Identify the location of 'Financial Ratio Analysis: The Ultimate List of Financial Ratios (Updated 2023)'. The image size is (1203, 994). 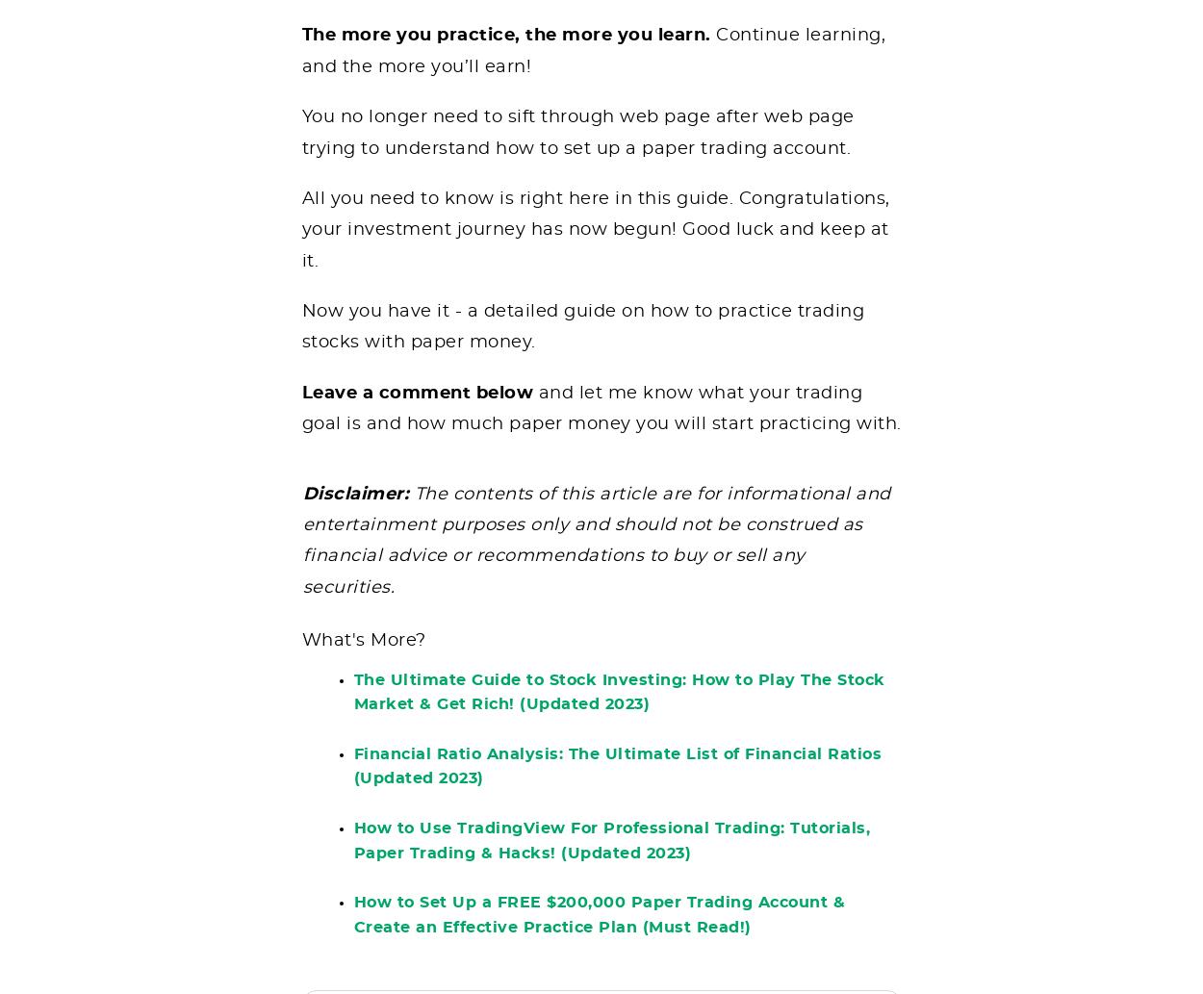
(617, 780).